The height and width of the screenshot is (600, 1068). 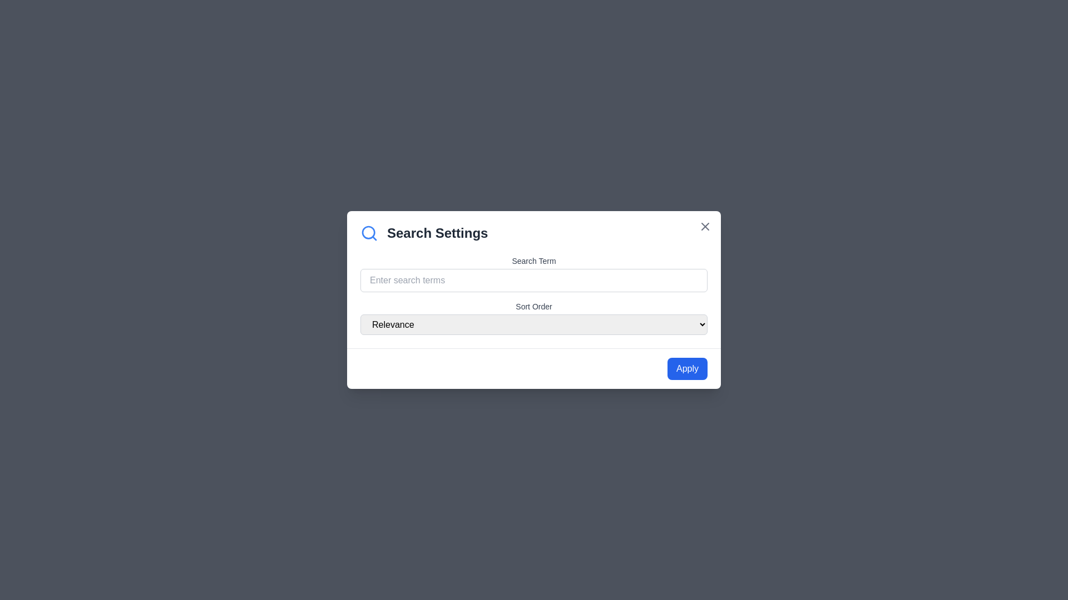 I want to click on the 'Search Settings' text label, which is a bold and large-sized gray title located just below the modal's close button and above the input fields, so click(x=437, y=233).